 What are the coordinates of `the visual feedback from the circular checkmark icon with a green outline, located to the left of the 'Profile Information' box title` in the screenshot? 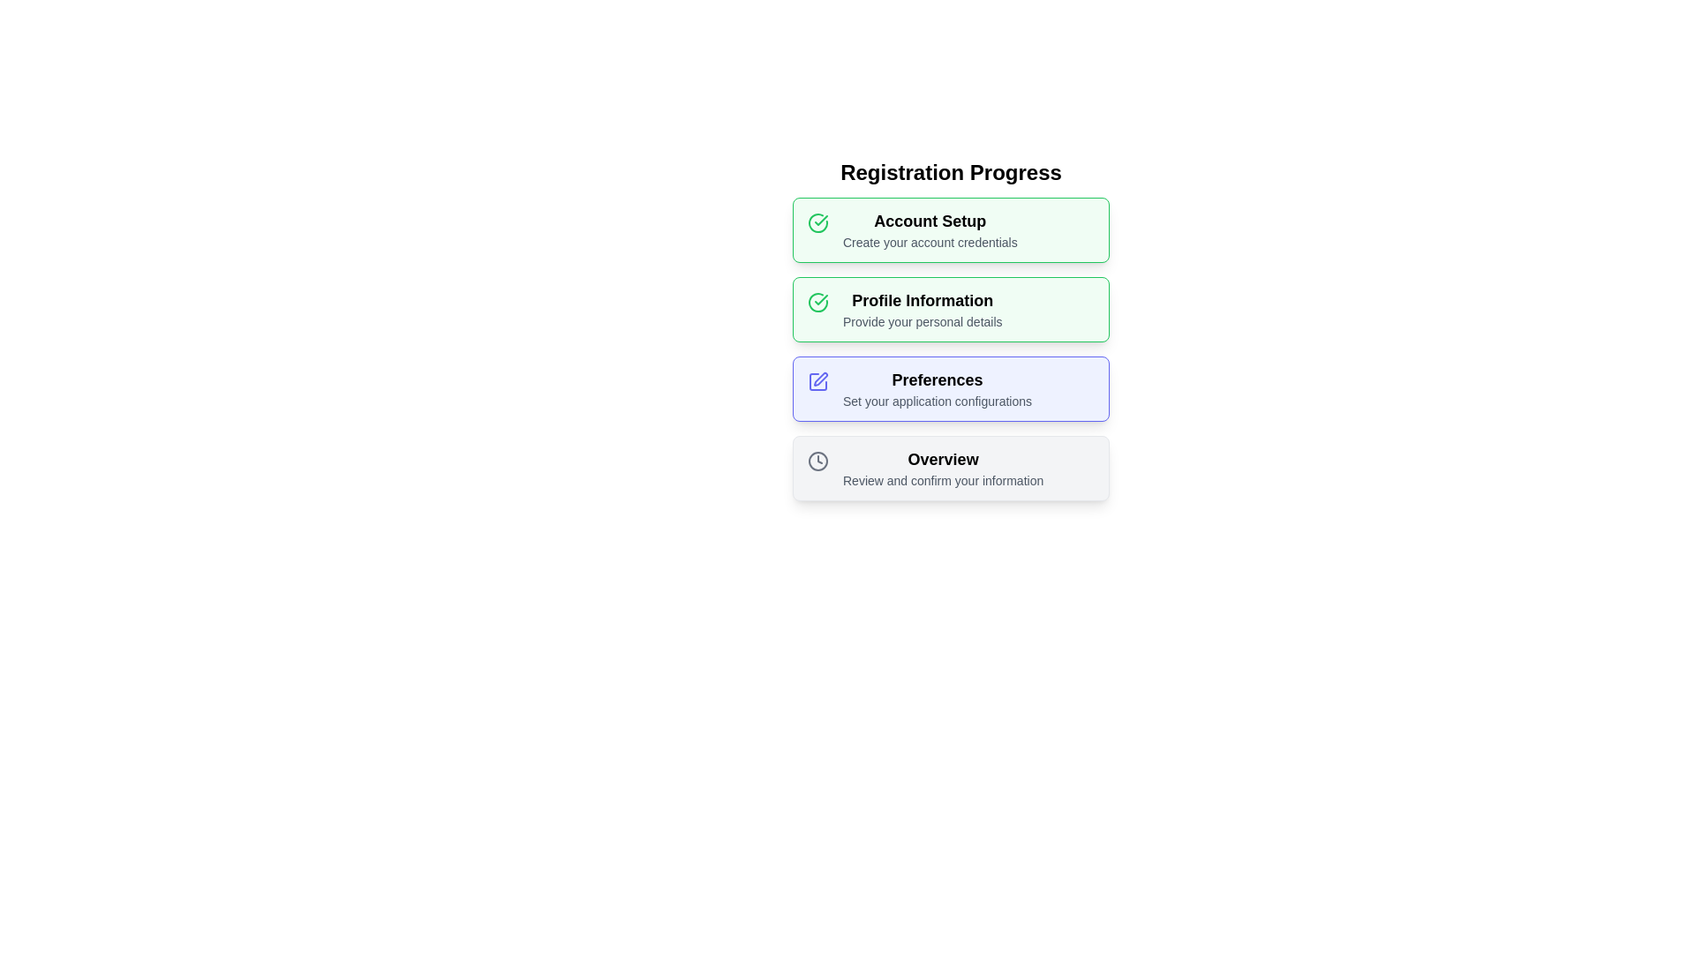 It's located at (817, 222).